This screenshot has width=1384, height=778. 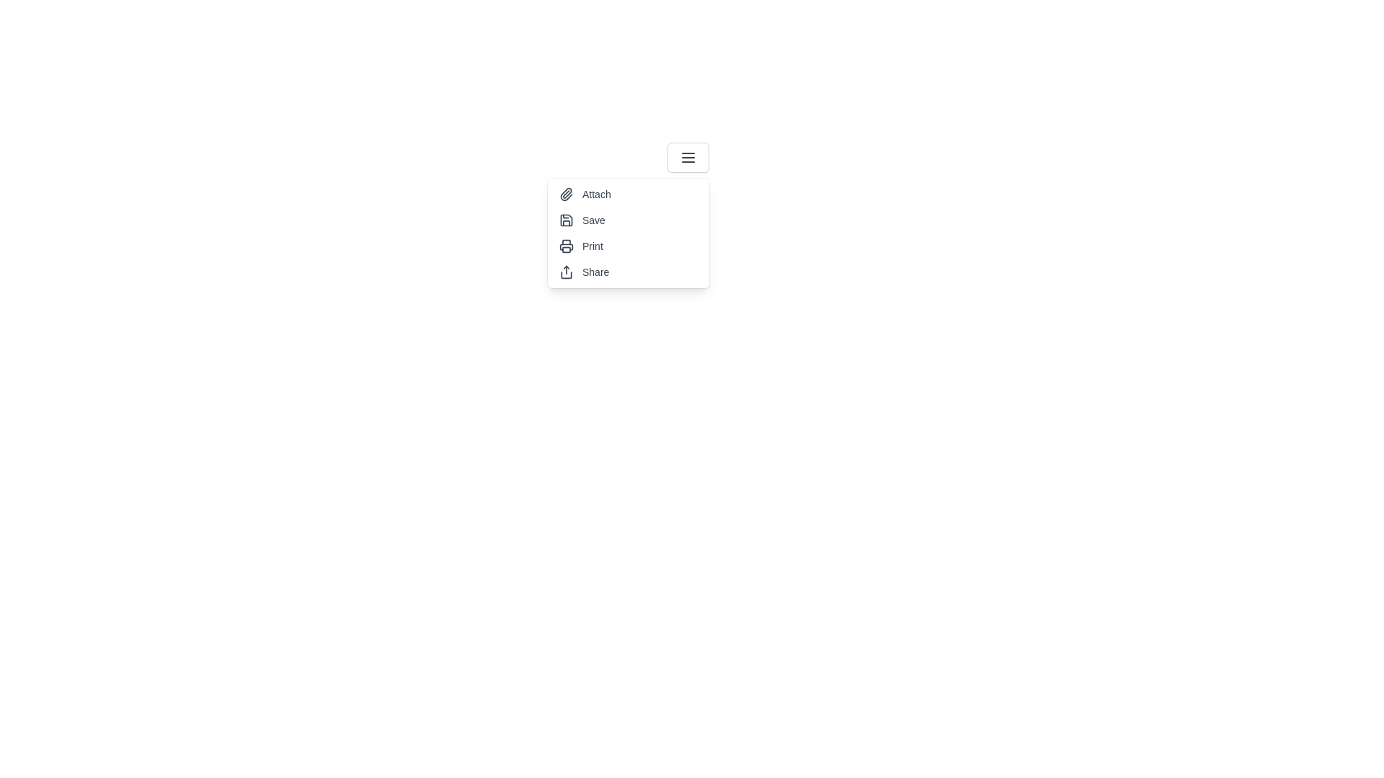 What do you see at coordinates (629, 246) in the screenshot?
I see `the third menu item in the vertical list, which triggers the print function for the current view or document` at bounding box center [629, 246].